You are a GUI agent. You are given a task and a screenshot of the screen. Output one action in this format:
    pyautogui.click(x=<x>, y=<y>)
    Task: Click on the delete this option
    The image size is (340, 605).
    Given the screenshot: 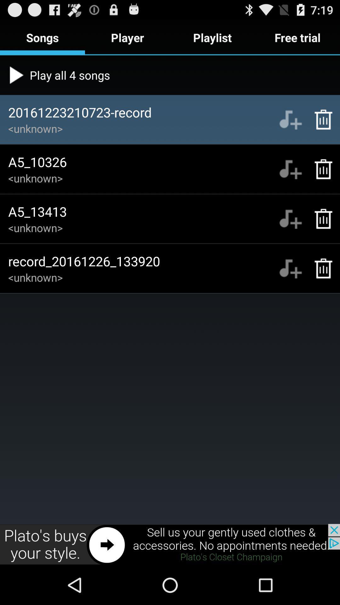 What is the action you would take?
    pyautogui.click(x=320, y=219)
    